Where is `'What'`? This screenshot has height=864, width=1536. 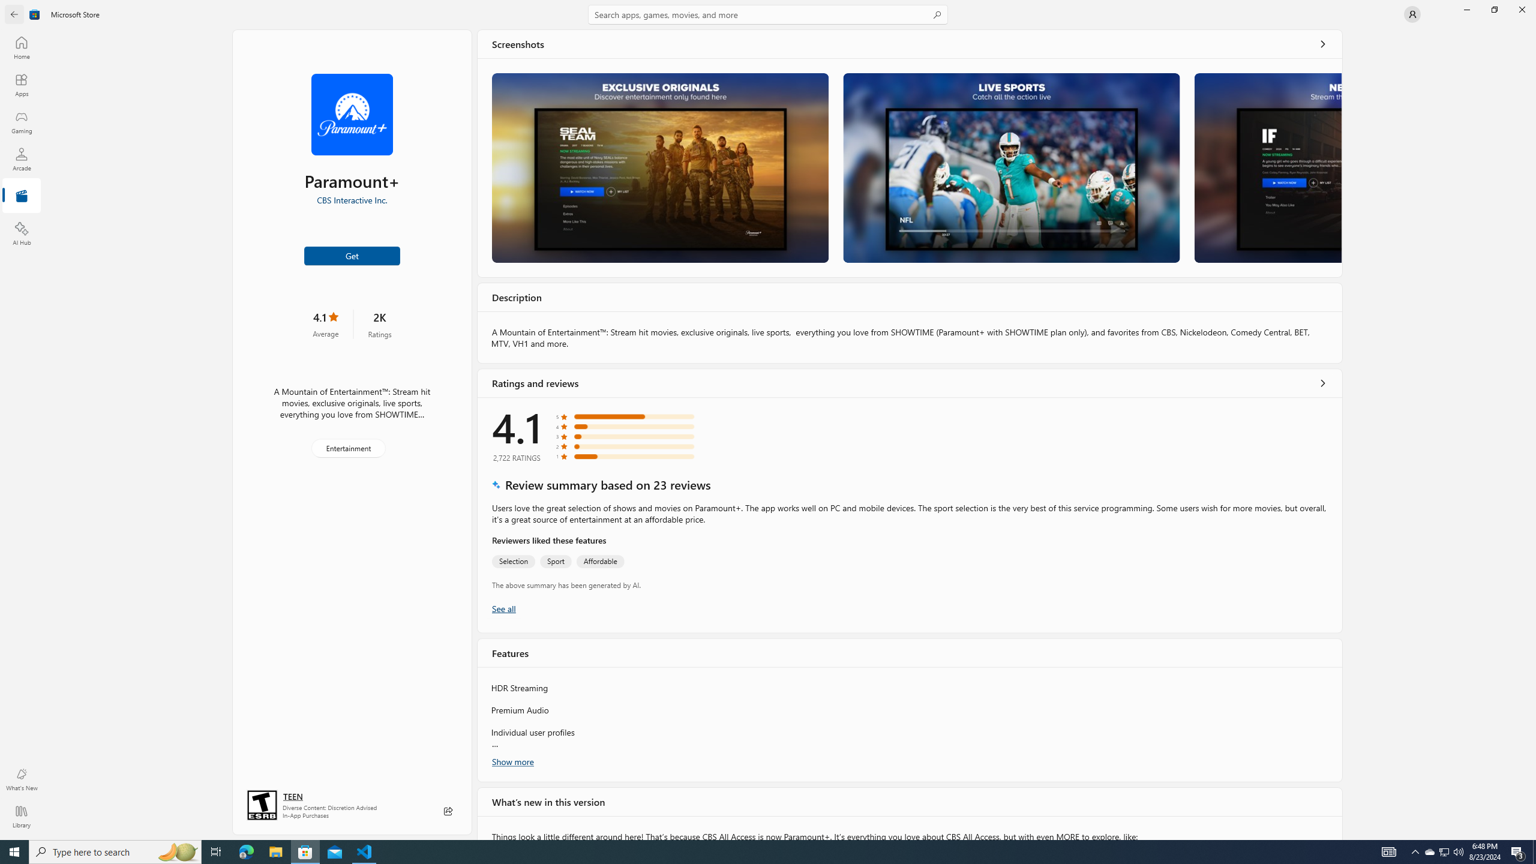
'What' is located at coordinates (20, 779).